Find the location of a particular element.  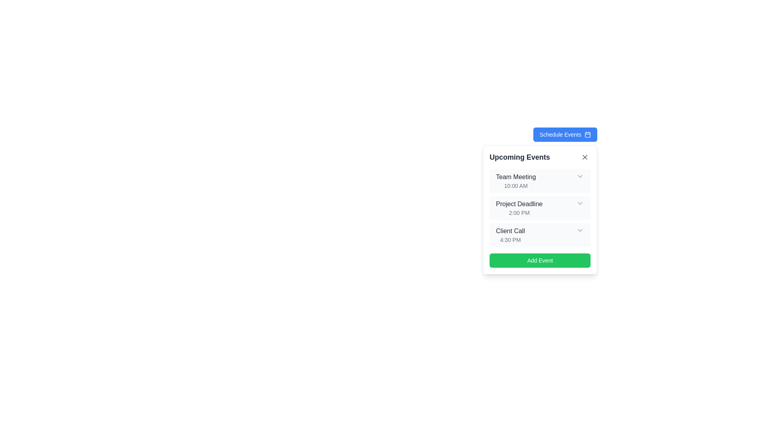

the 'Upcoming Events' header, which serves as the title for the events section and is located at the top left of the panel with a close button on the right is located at coordinates (540, 157).